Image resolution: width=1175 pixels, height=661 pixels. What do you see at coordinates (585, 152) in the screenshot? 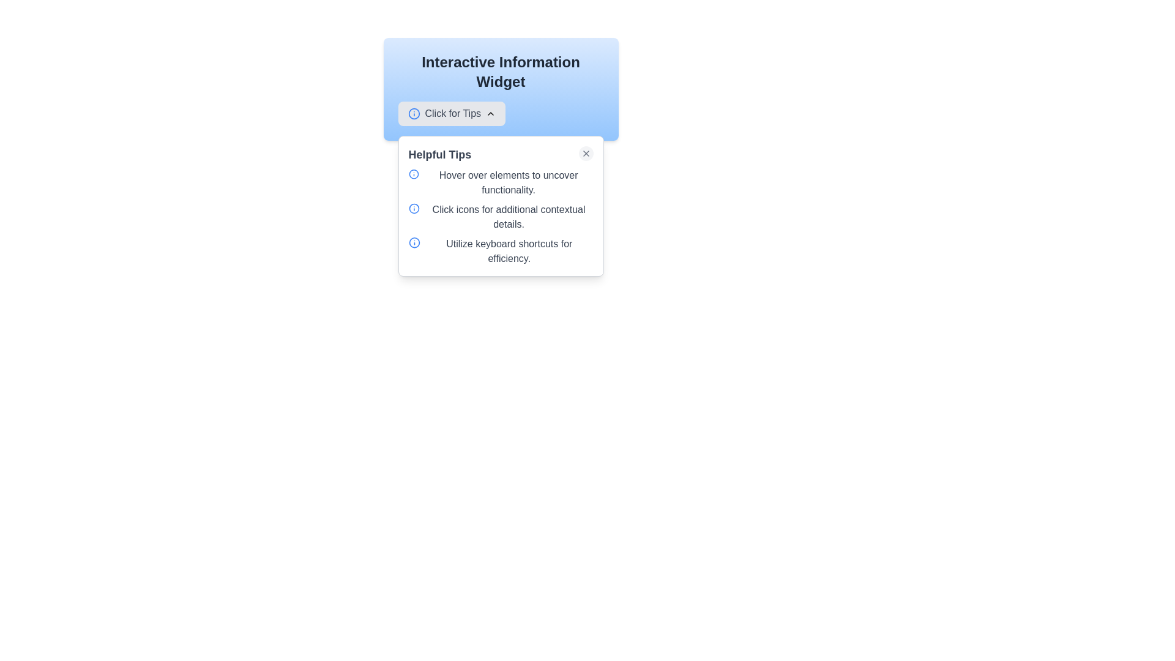
I see `the close icon with a gray 'X' located at the top-right corner of the 'Helpful Tips' panel to activate its hover effect` at bounding box center [585, 152].